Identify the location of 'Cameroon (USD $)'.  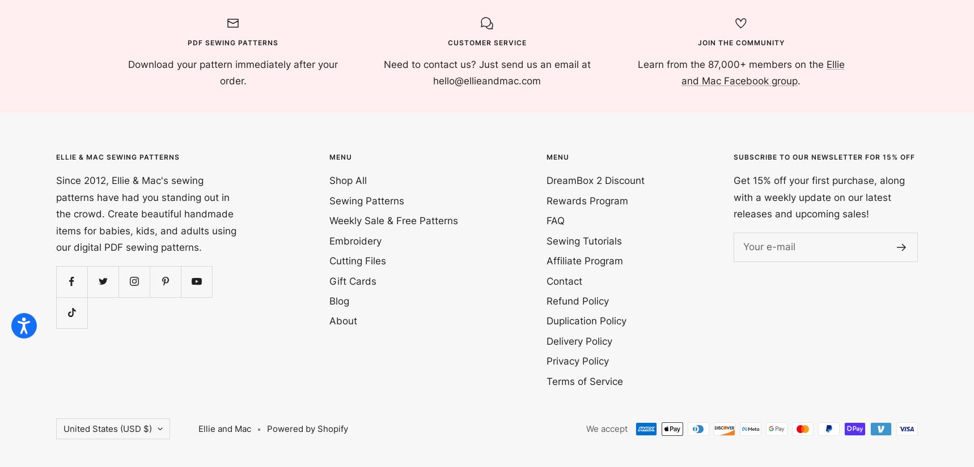
(102, 146).